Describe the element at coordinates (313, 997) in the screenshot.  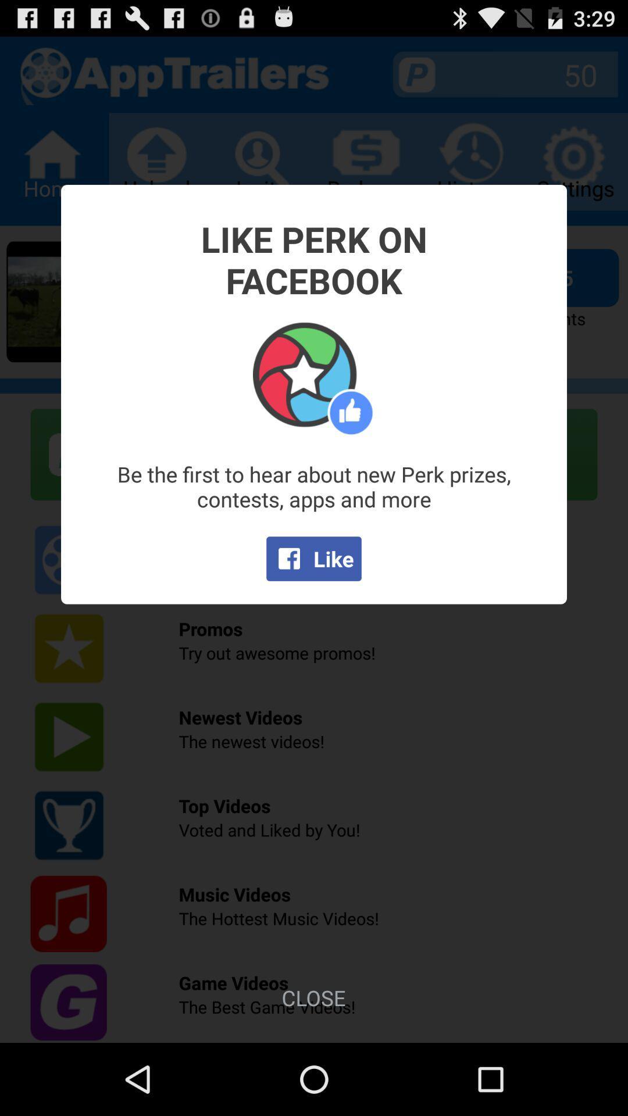
I see `close icon` at that location.